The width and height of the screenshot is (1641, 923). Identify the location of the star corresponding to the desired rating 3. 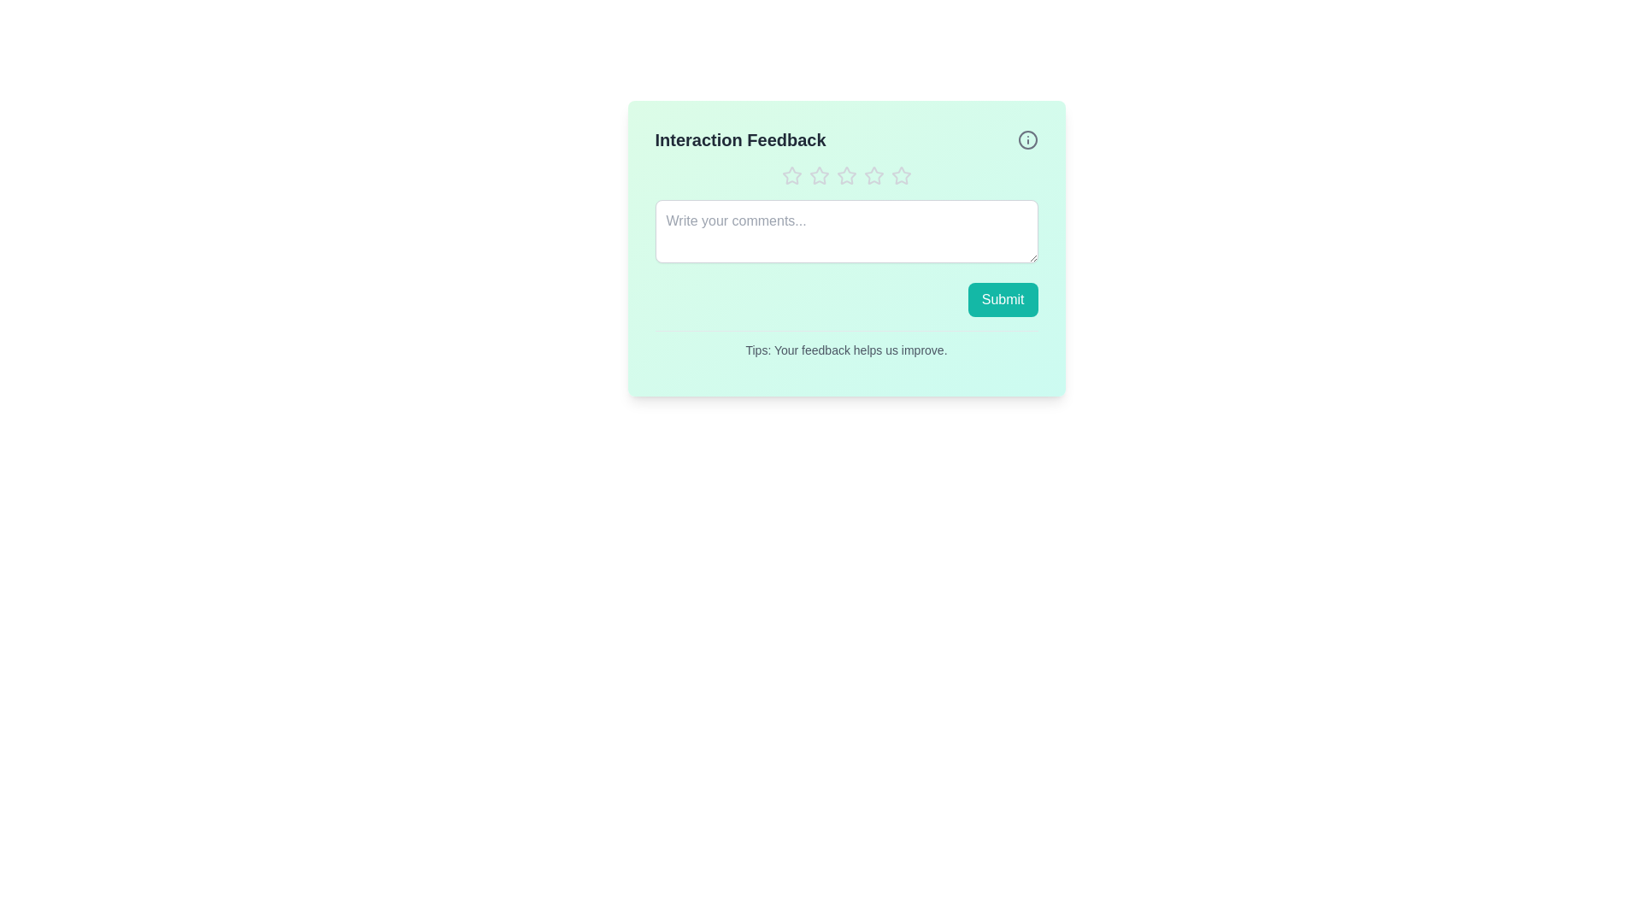
(846, 175).